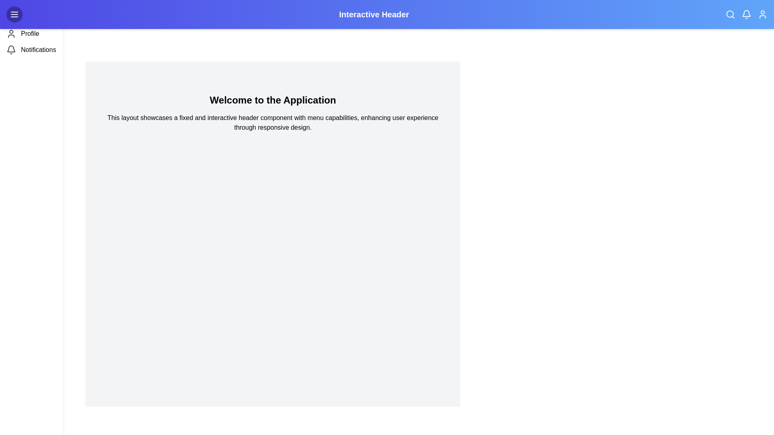 The width and height of the screenshot is (774, 435). Describe the element at coordinates (730, 14) in the screenshot. I see `the search icon button located in the top-right corner of the interface` at that location.